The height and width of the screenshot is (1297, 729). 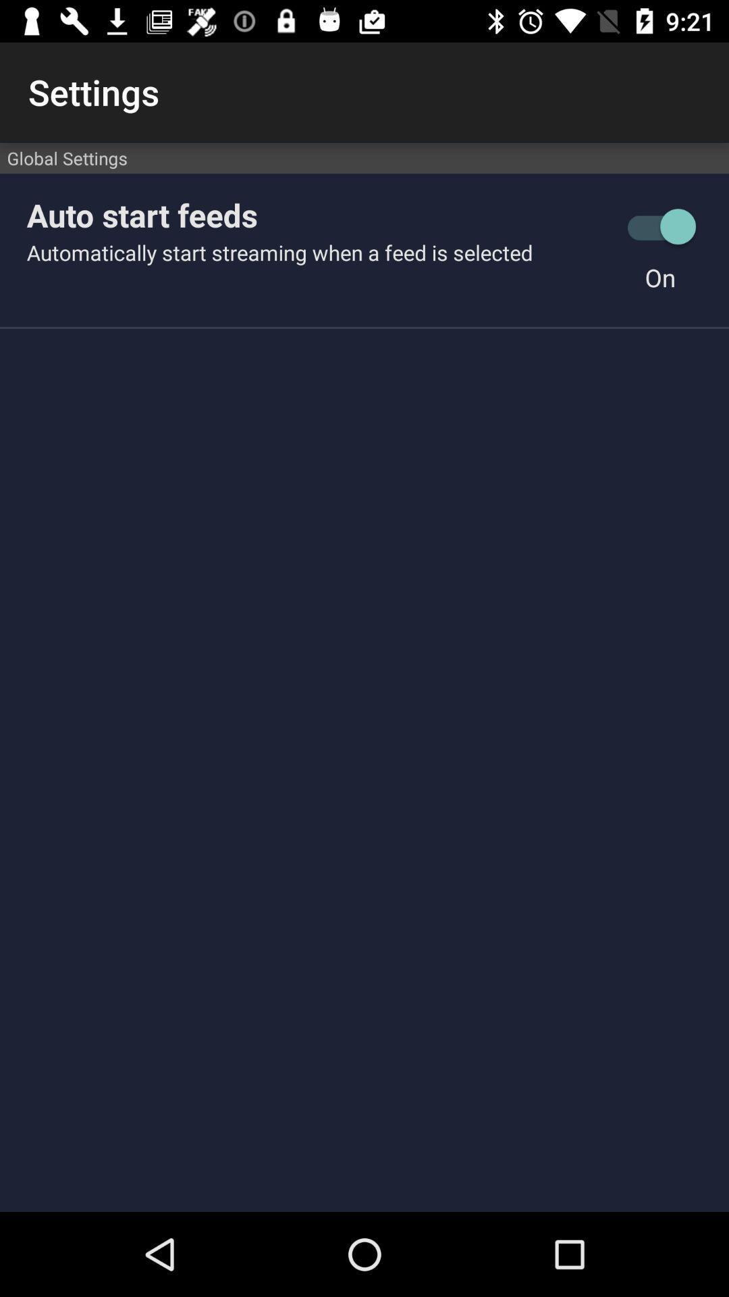 I want to click on auto start feeds icon, so click(x=318, y=214).